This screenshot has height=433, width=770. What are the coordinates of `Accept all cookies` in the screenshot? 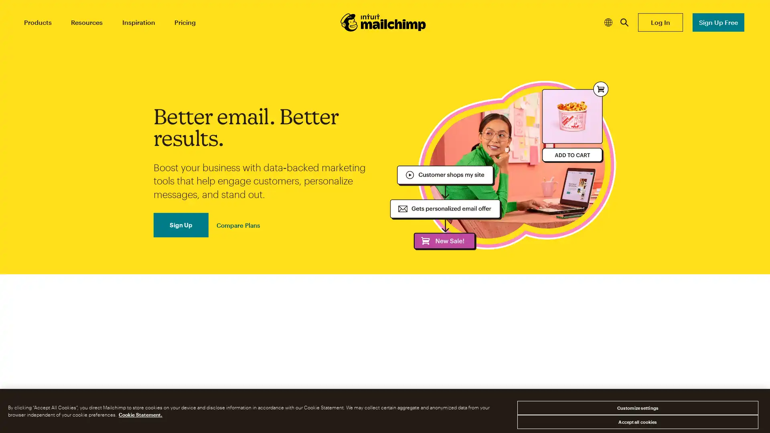 It's located at (637, 421).